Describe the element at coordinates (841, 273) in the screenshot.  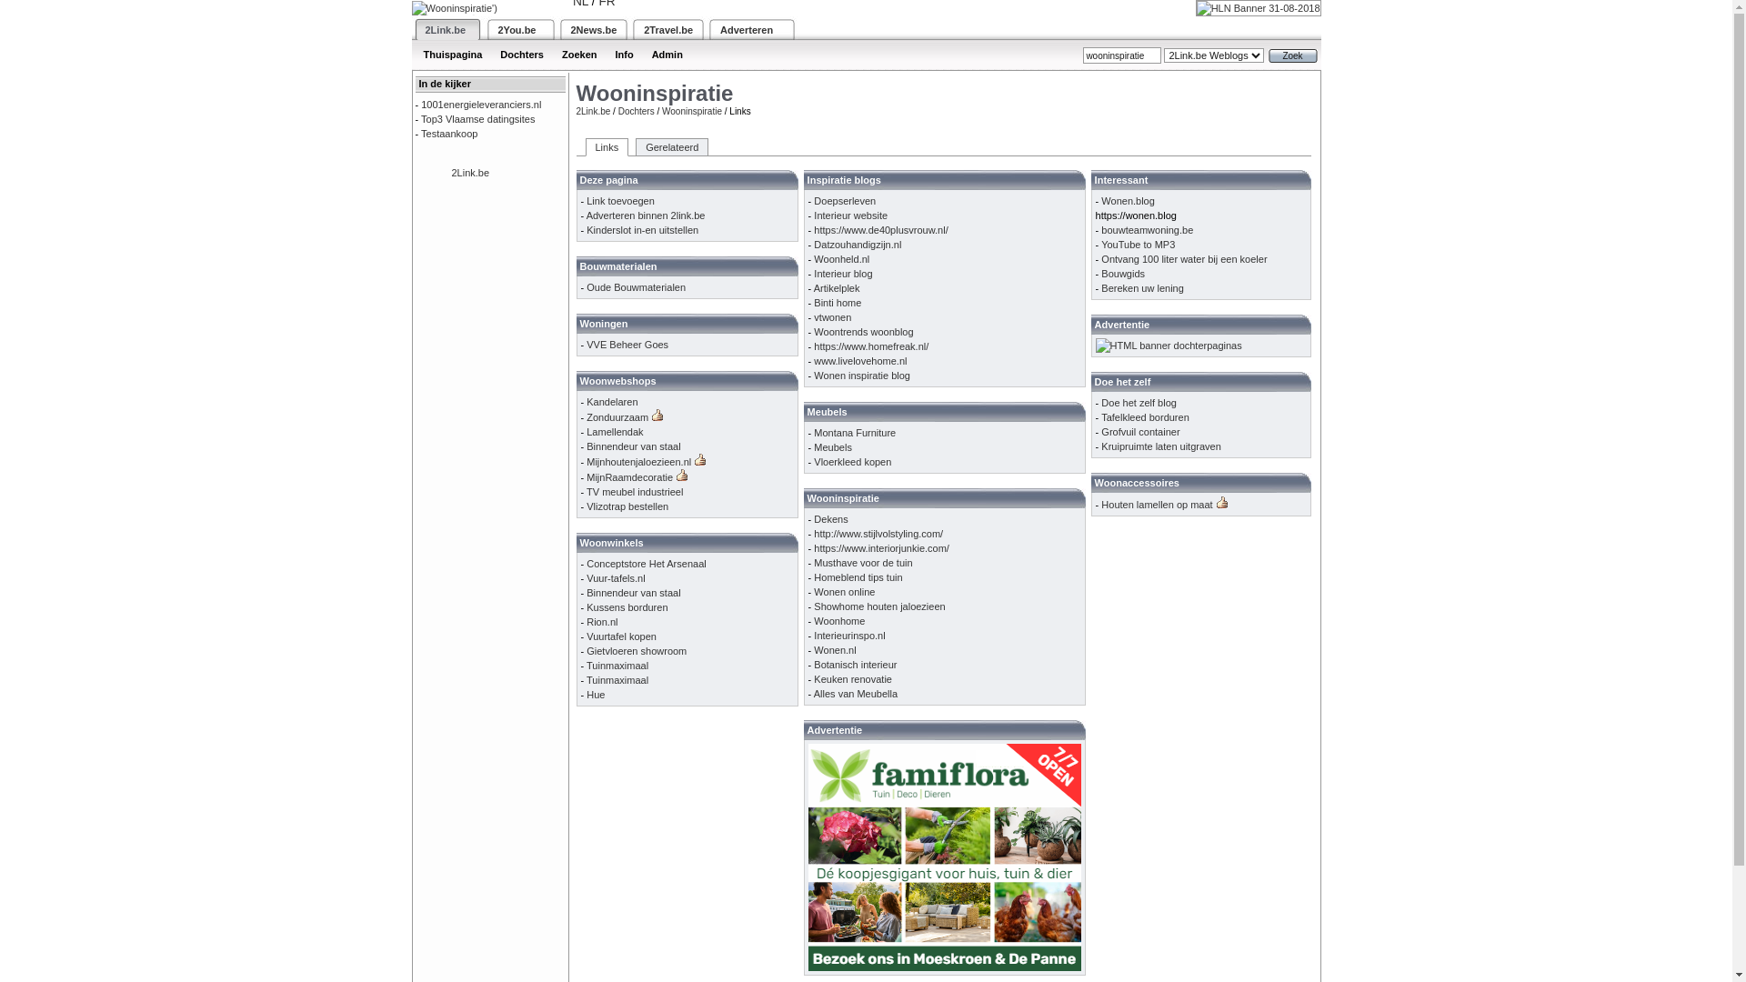
I see `'Interieur blog'` at that location.